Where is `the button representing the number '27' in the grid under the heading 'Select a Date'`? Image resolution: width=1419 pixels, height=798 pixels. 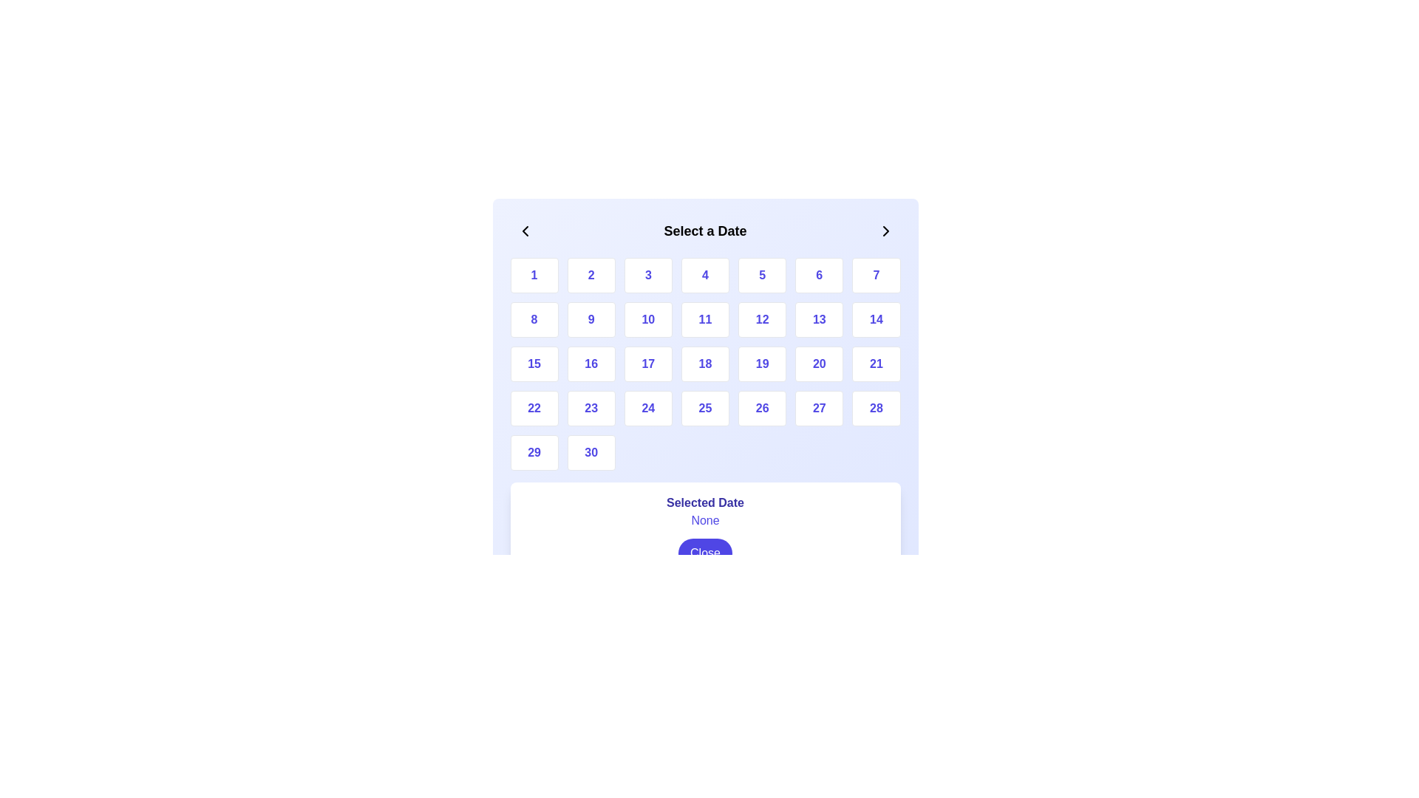
the button representing the number '27' in the grid under the heading 'Select a Date' is located at coordinates (818, 408).